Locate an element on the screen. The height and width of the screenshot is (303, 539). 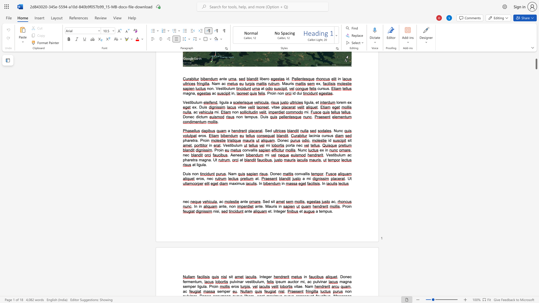
the space between the continuous character "n" and "t" in the text is located at coordinates (262, 276).